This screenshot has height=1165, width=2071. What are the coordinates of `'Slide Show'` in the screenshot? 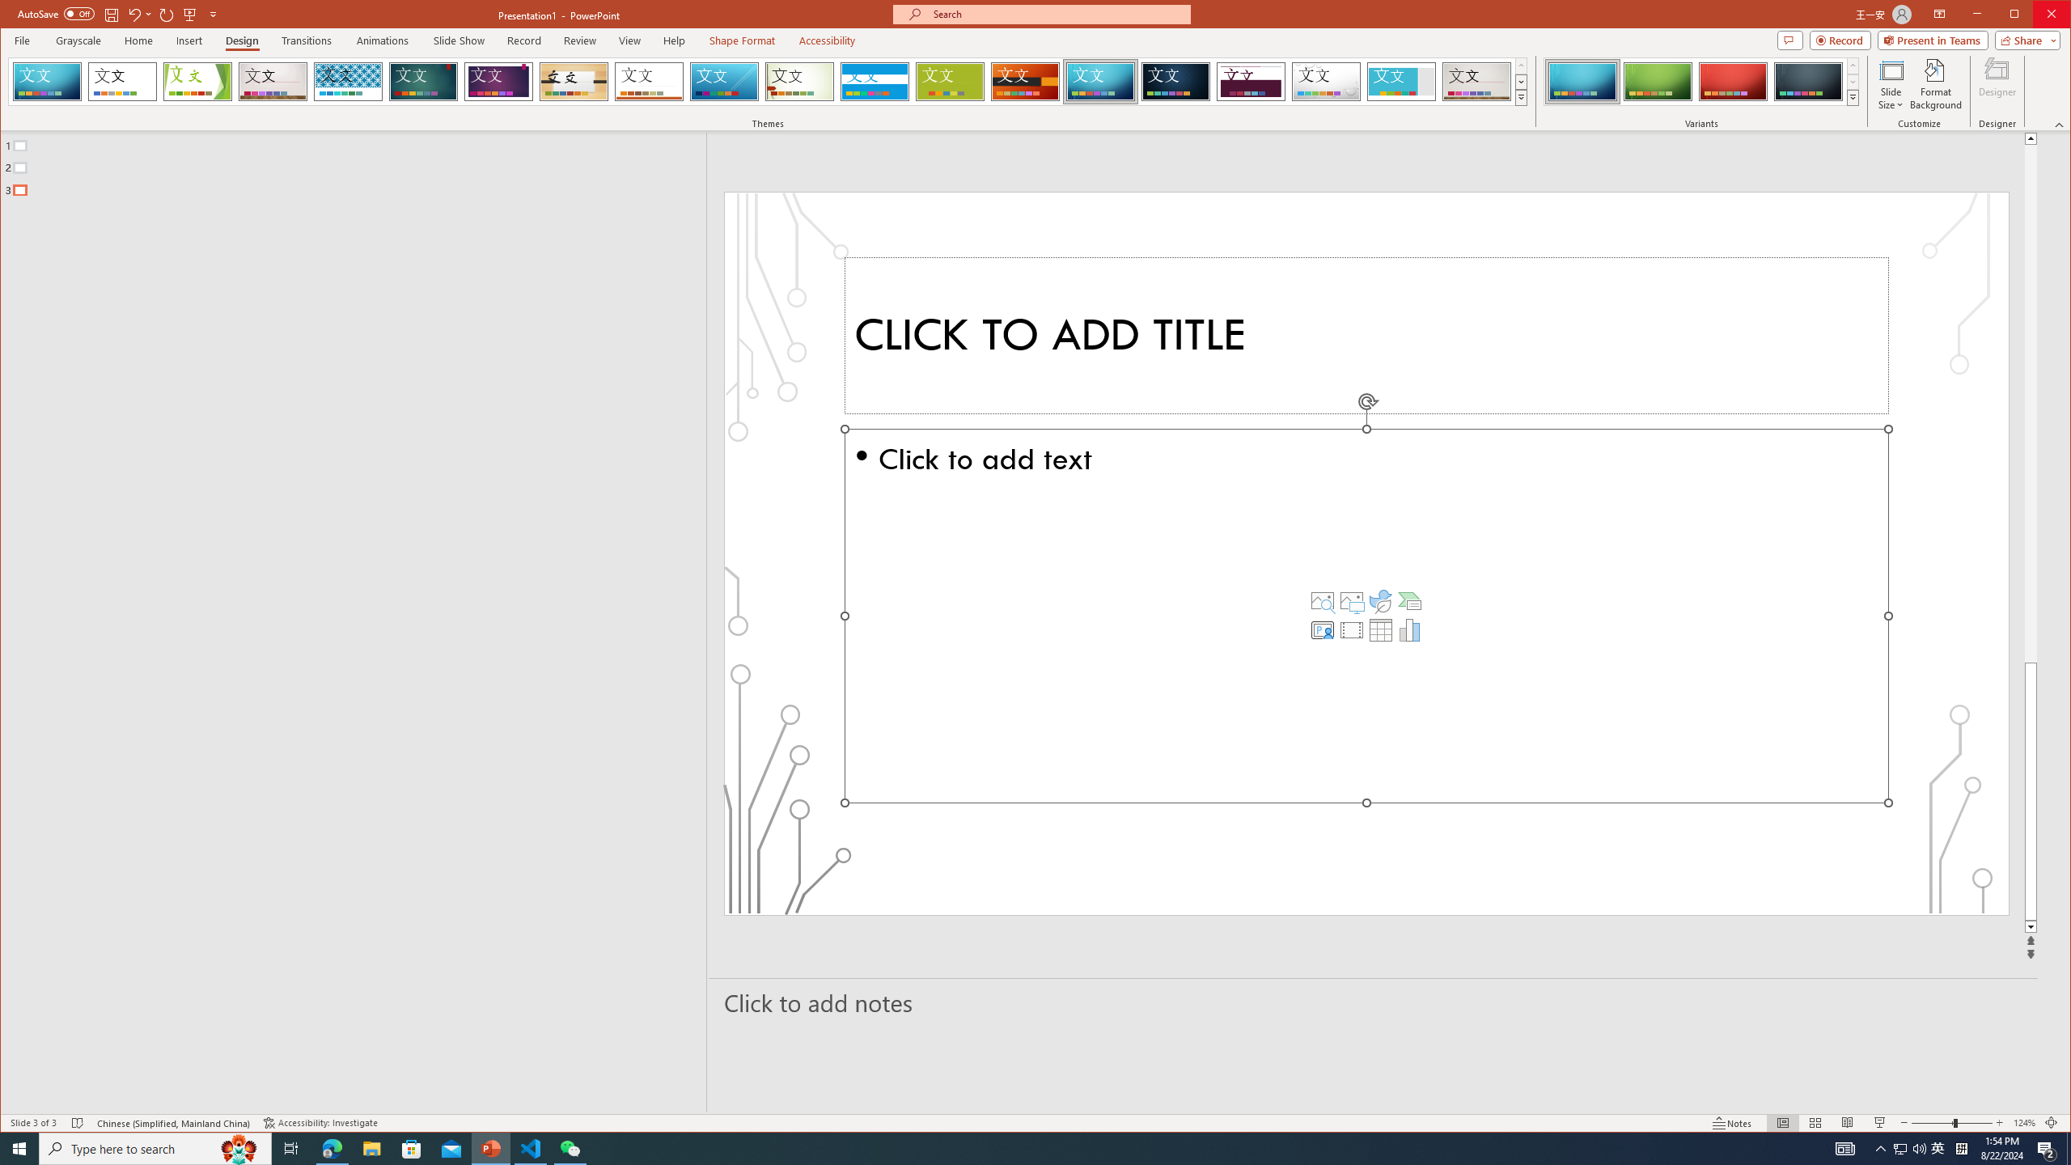 It's located at (458, 40).